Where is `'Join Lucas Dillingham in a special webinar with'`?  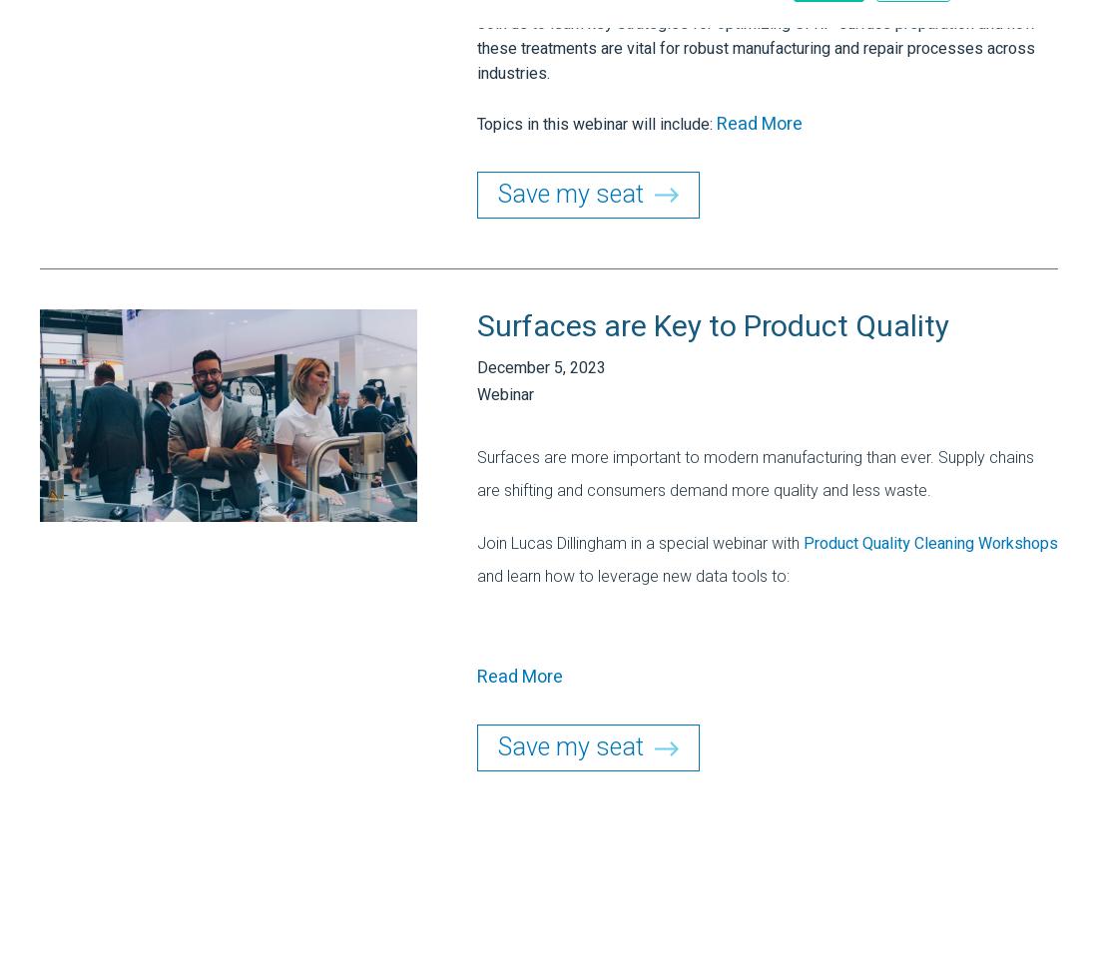 'Join Lucas Dillingham in a special webinar with' is located at coordinates (640, 544).